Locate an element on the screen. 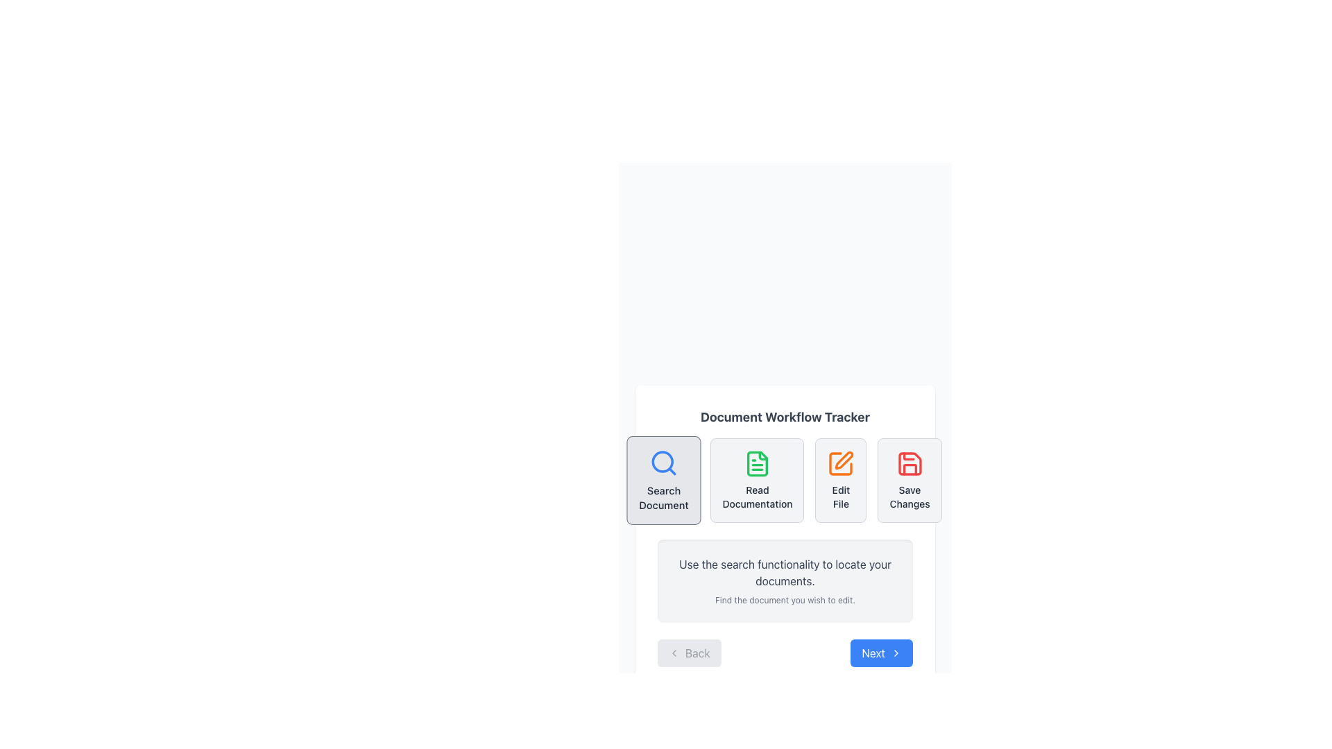 The image size is (1332, 749). the red floppy disk icon within the 'Save Changes' card is located at coordinates (910, 463).